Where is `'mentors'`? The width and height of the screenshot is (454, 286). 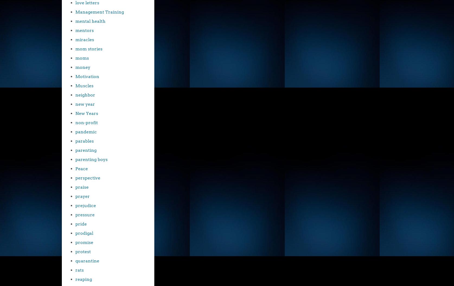 'mentors' is located at coordinates (85, 30).